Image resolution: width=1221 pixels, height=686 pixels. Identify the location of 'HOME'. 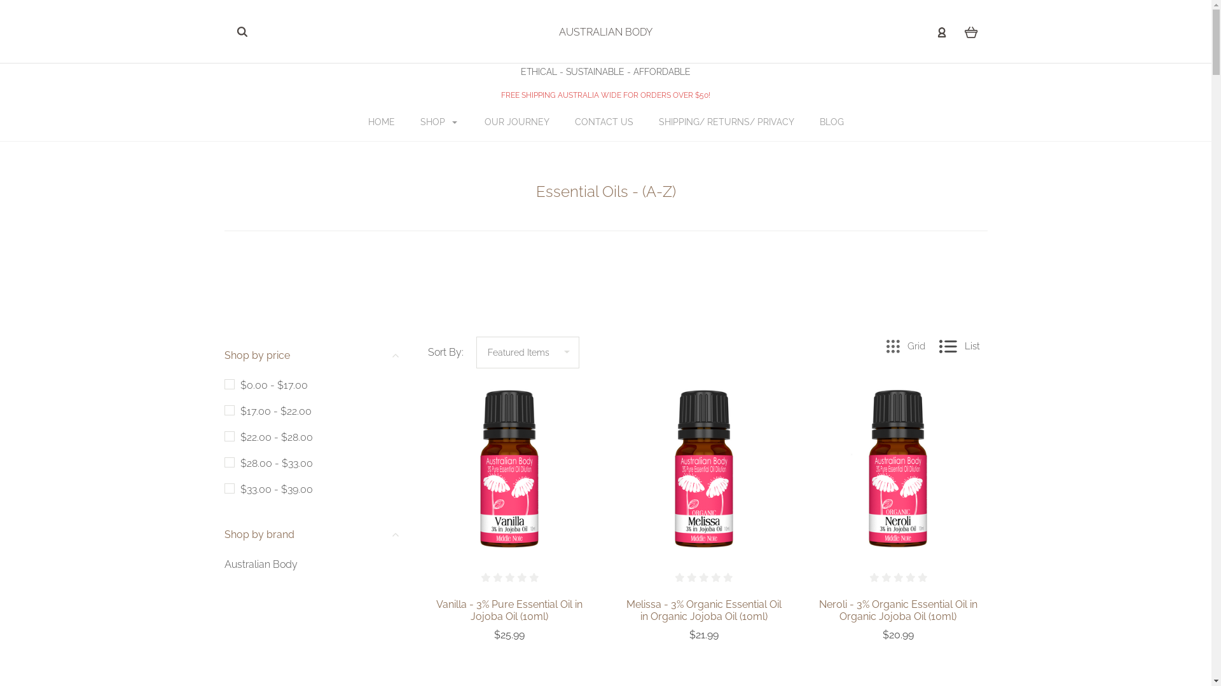
(380, 122).